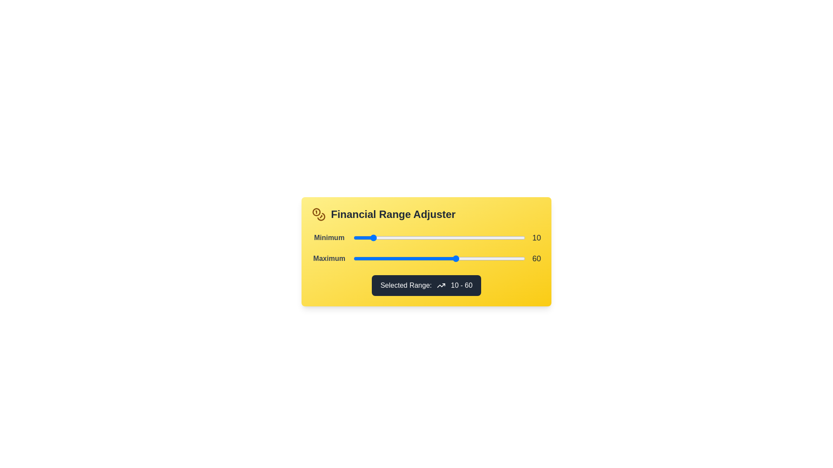  Describe the element at coordinates (501, 237) in the screenshot. I see `the 'Minimum' slider to 86 within its range` at that location.